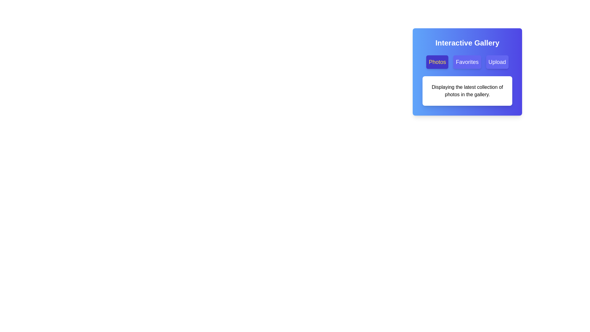 This screenshot has width=590, height=332. Describe the element at coordinates (467, 62) in the screenshot. I see `the 'Favorites' button, which is a rounded rectangle with a purple background and white text, located in the upper-right section between the 'Photos' and 'Upload' buttons` at that location.